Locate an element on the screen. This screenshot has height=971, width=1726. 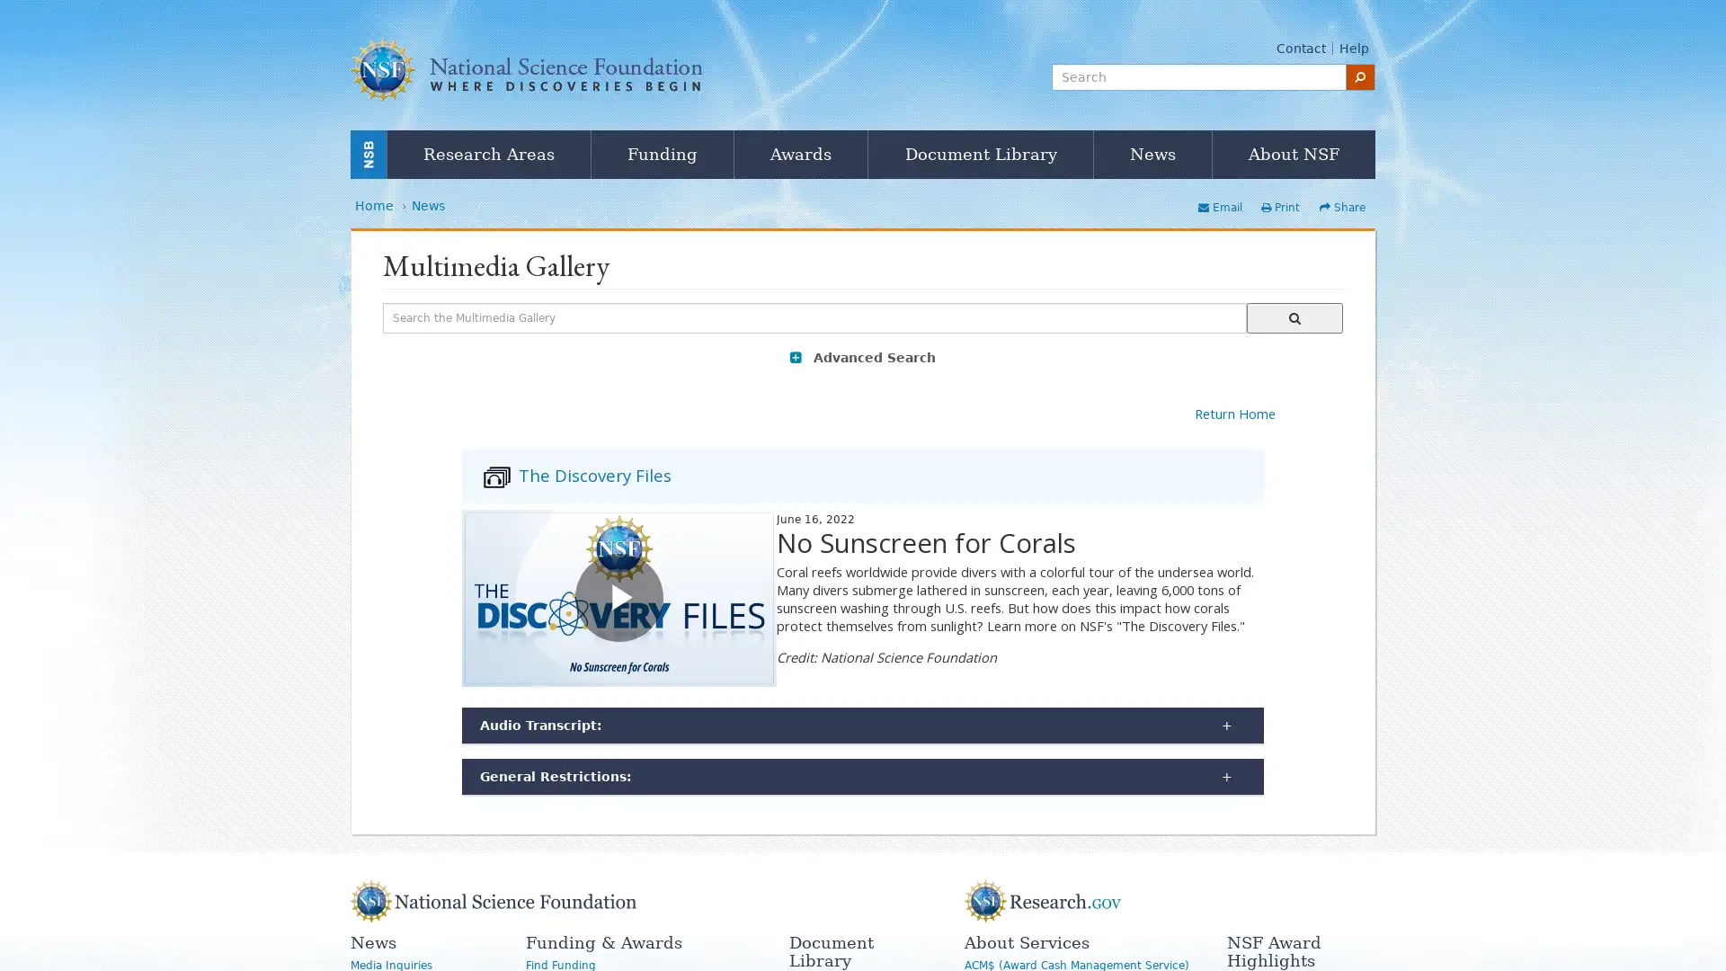
Share this page is located at coordinates (1342, 207).